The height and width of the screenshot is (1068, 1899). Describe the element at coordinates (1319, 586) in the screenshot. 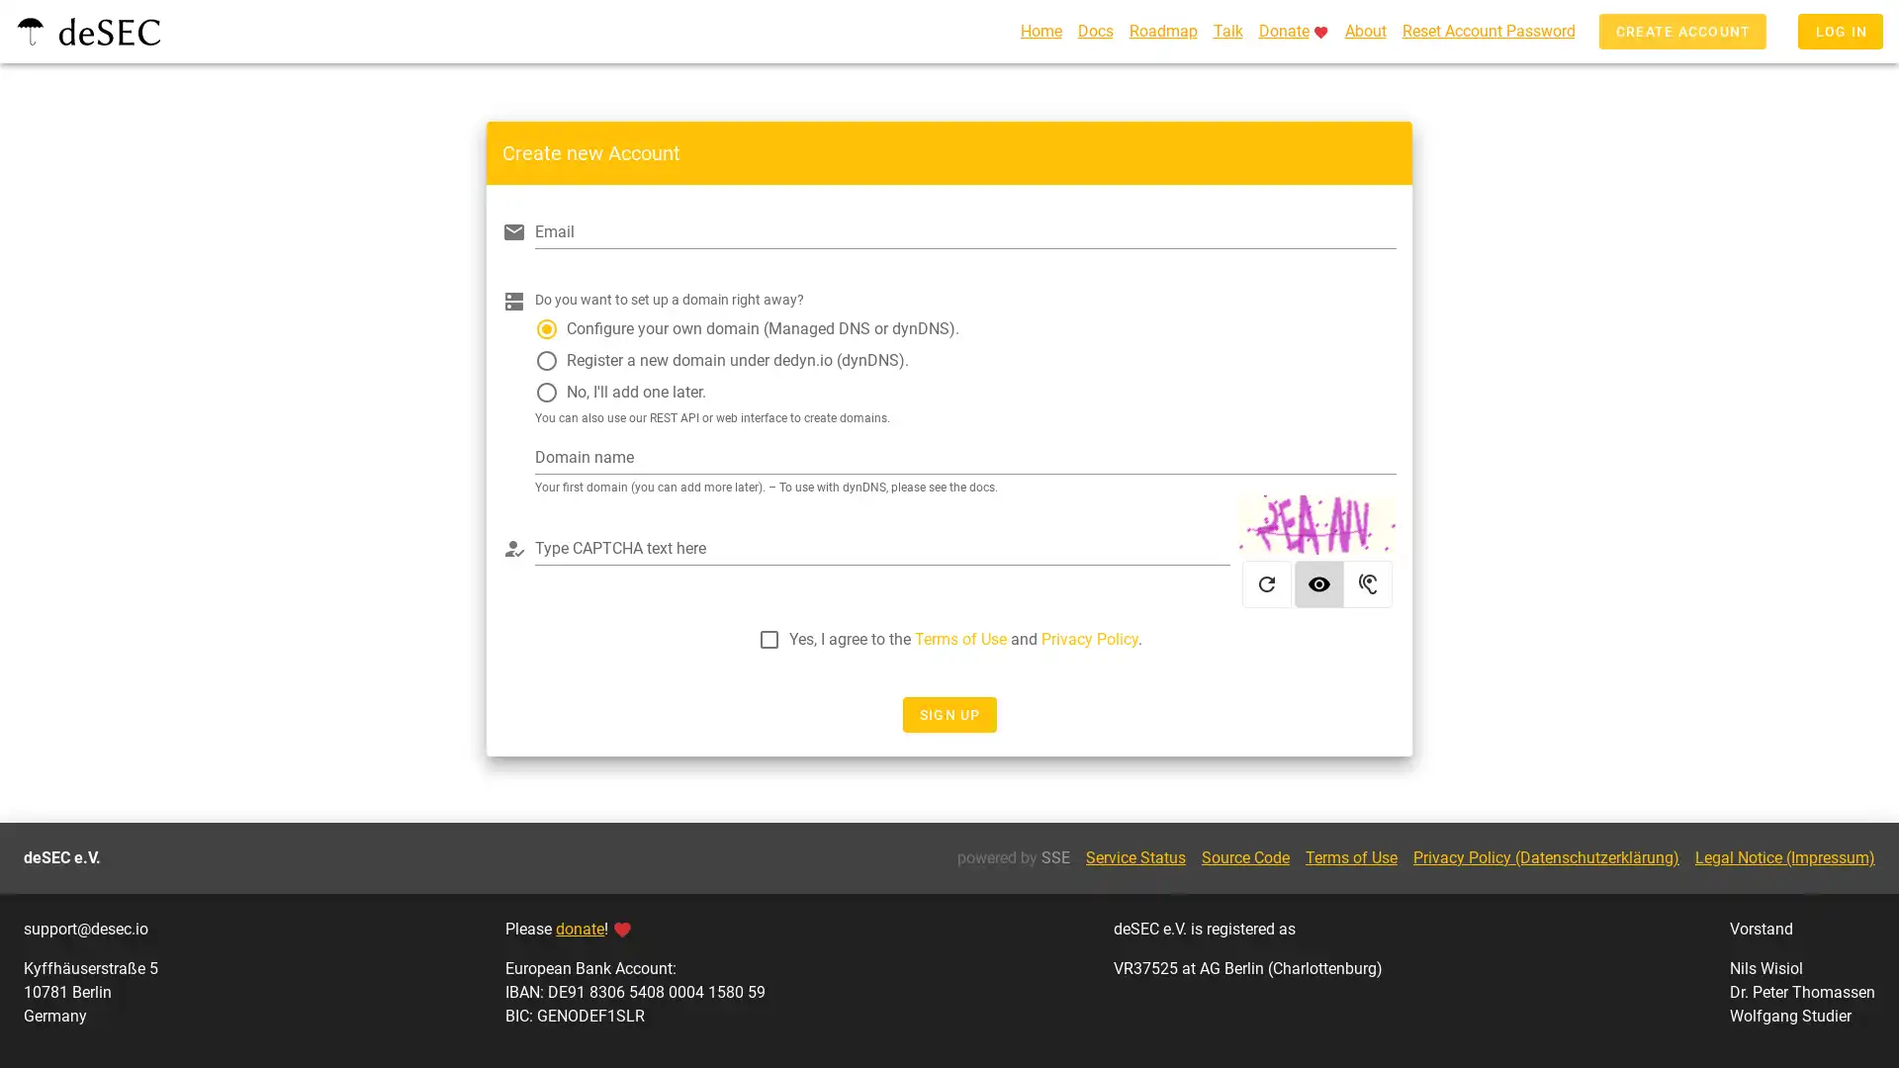

I see `Switch to Image CAPTCHA` at that location.